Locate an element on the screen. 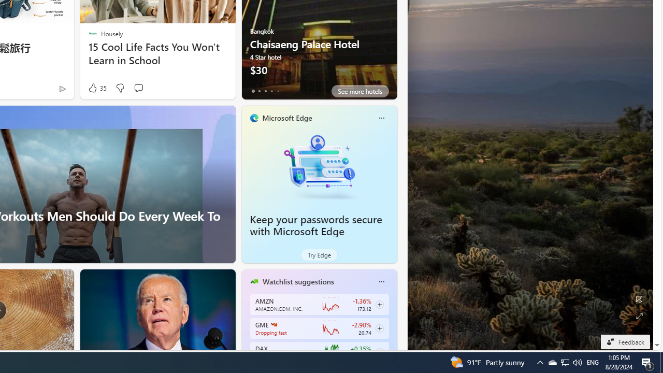 The height and width of the screenshot is (373, 663). 'Expand background' is located at coordinates (638, 315).